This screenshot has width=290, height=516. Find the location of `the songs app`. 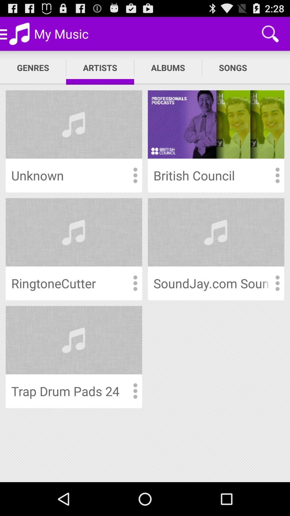

the songs app is located at coordinates (233, 67).